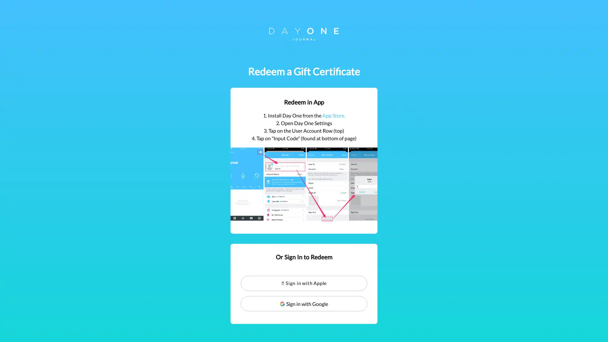 This screenshot has width=608, height=342. What do you see at coordinates (304, 303) in the screenshot?
I see `Sign in with Google` at bounding box center [304, 303].